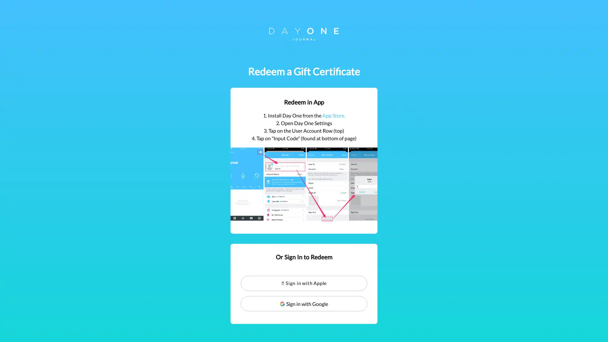 This screenshot has width=608, height=342. What do you see at coordinates (304, 303) in the screenshot?
I see `Sign in with Google` at bounding box center [304, 303].